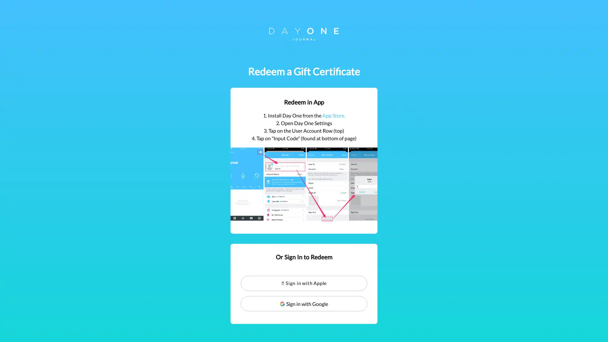 This screenshot has width=608, height=342. What do you see at coordinates (304, 303) in the screenshot?
I see `Sign in with Google` at bounding box center [304, 303].